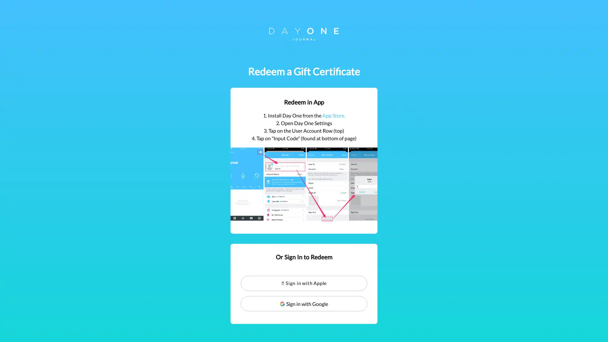 This screenshot has width=608, height=342. What do you see at coordinates (304, 303) in the screenshot?
I see `Sign in with Google` at bounding box center [304, 303].